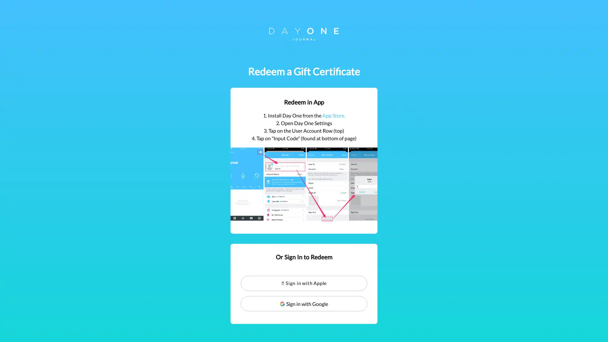 This screenshot has width=608, height=342. What do you see at coordinates (304, 303) in the screenshot?
I see `Sign in with Google` at bounding box center [304, 303].